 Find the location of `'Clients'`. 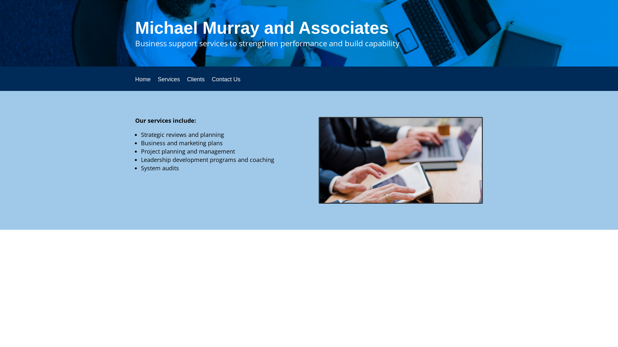

'Clients' is located at coordinates (195, 84).